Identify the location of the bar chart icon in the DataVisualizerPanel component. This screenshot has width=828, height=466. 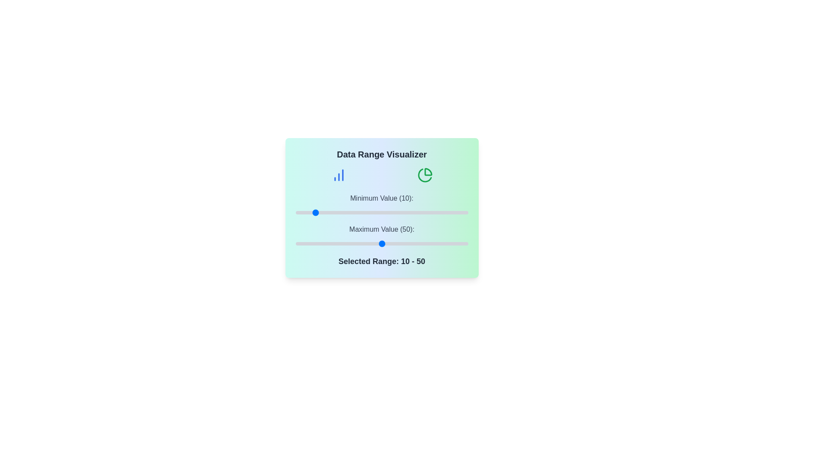
(338, 175).